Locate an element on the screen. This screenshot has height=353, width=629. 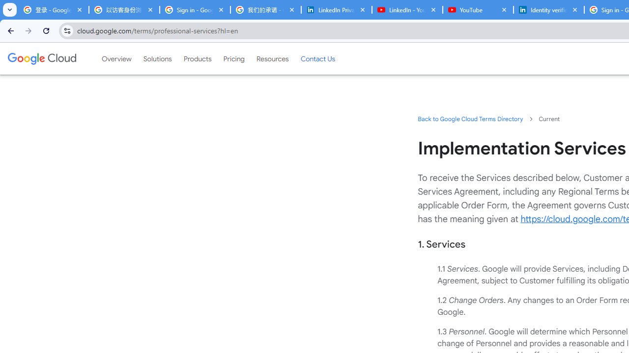
'Pricing' is located at coordinates (233, 58).